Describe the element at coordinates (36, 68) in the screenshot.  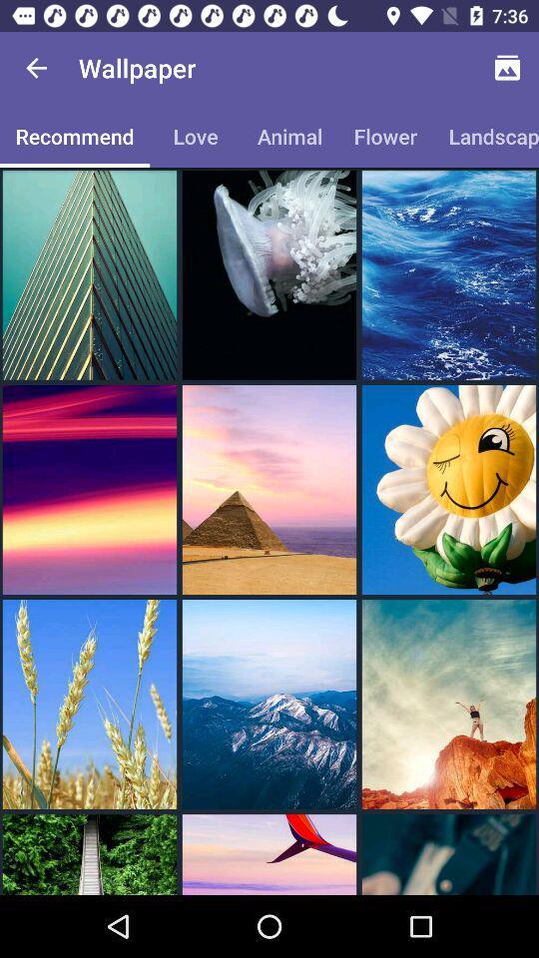
I see `the icon next to wallpaper icon` at that location.